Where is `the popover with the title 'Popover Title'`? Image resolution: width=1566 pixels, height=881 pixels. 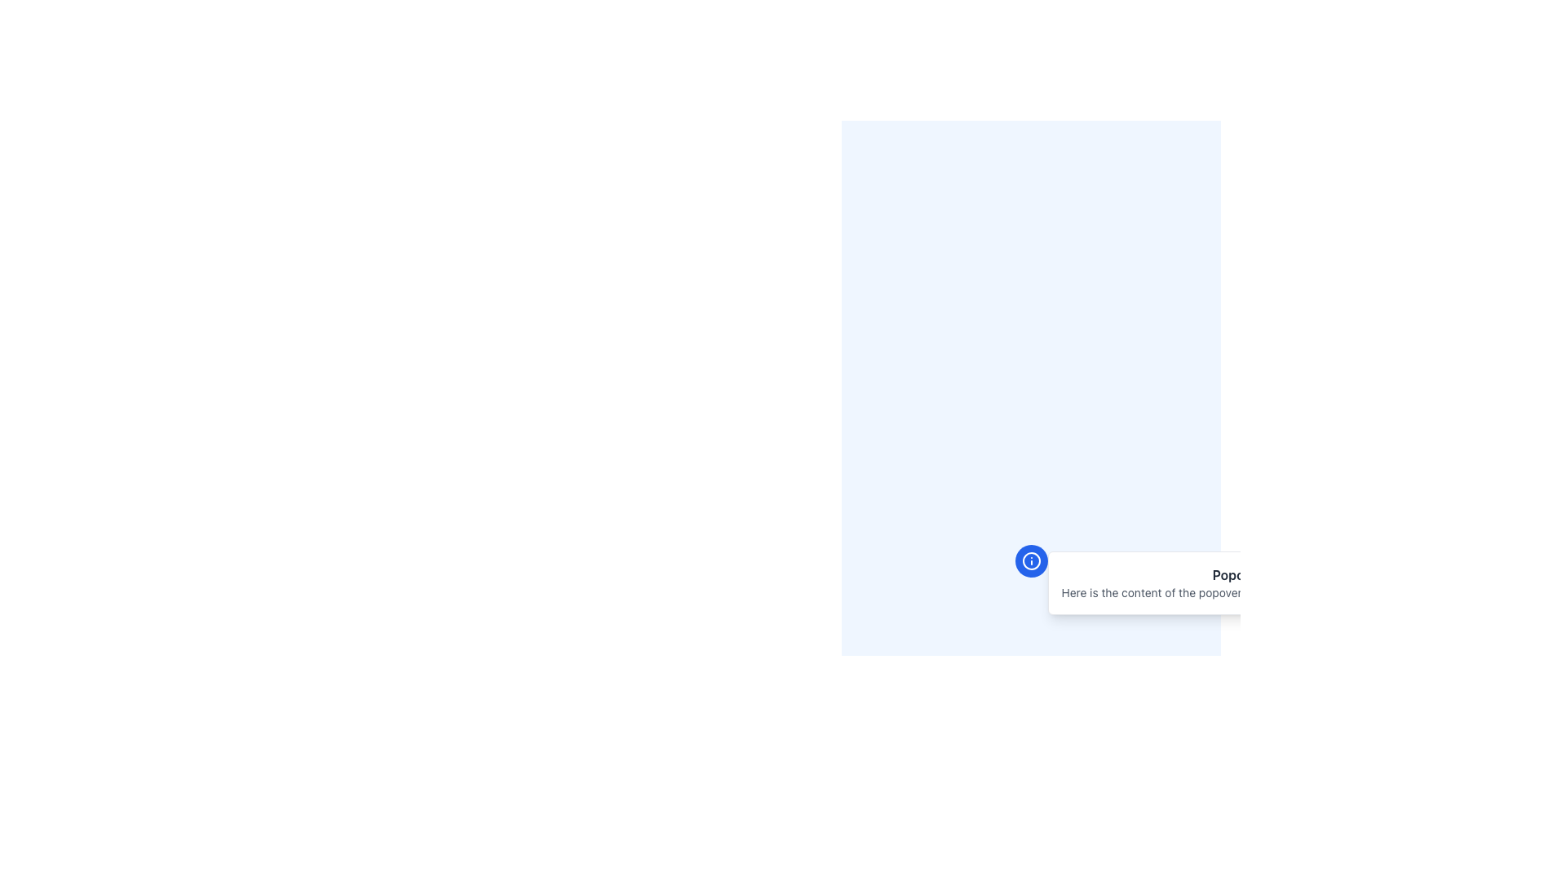 the popover with the title 'Popover Title' is located at coordinates (1252, 582).